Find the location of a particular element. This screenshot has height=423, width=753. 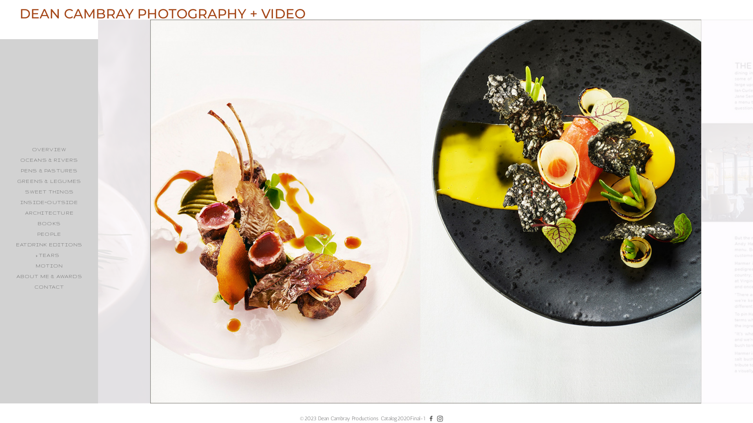

'PEOPLE' is located at coordinates (49, 233).